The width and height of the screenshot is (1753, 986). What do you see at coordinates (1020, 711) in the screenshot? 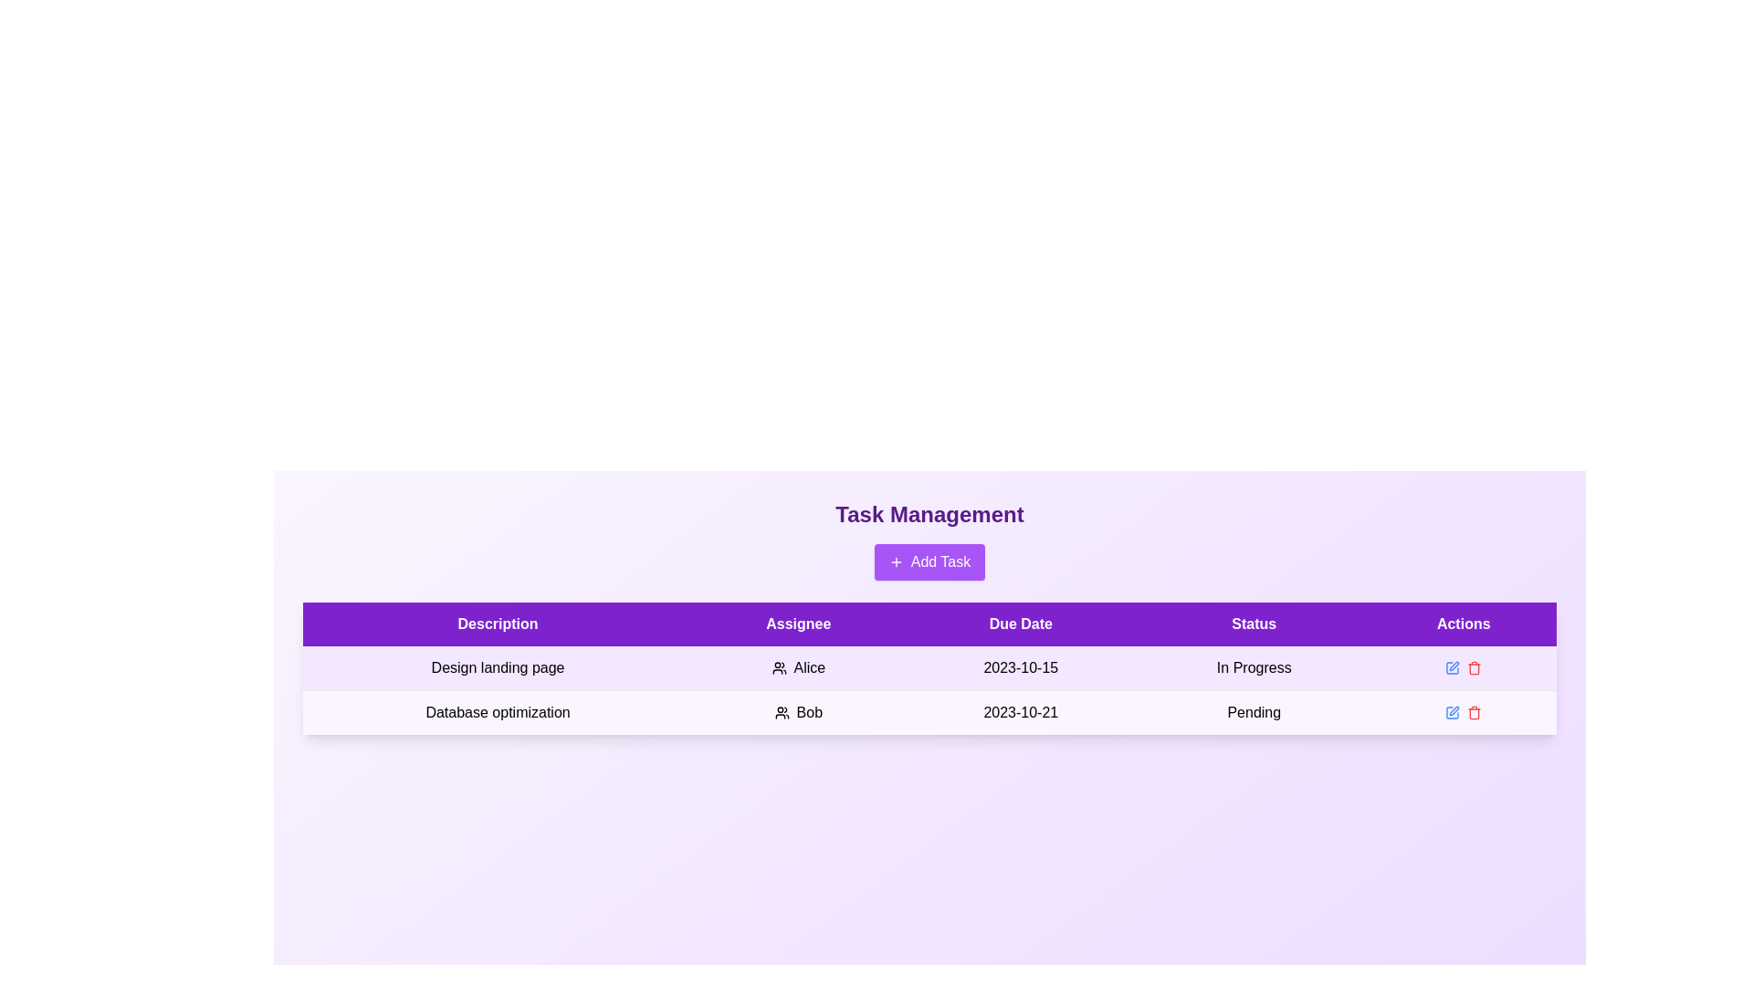
I see `the text label displaying '2023-10-21' in the third column of the second row under 'Due Date' in the table` at bounding box center [1020, 711].